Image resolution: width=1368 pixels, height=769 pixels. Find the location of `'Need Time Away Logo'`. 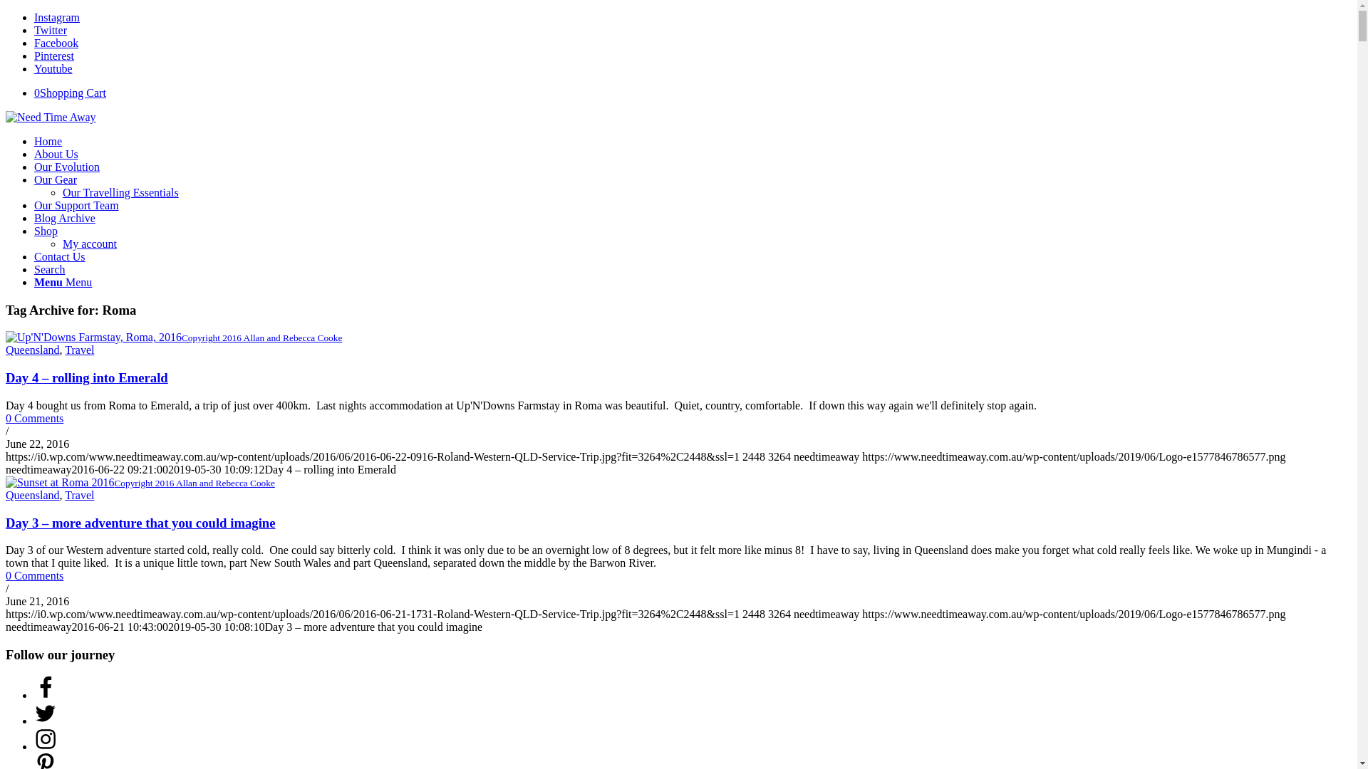

'Need Time Away Logo' is located at coordinates (6, 117).